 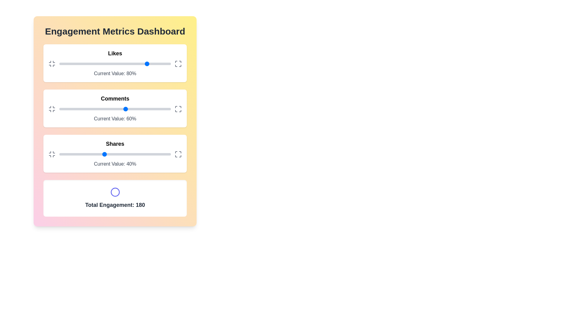 I want to click on comments, so click(x=107, y=109).